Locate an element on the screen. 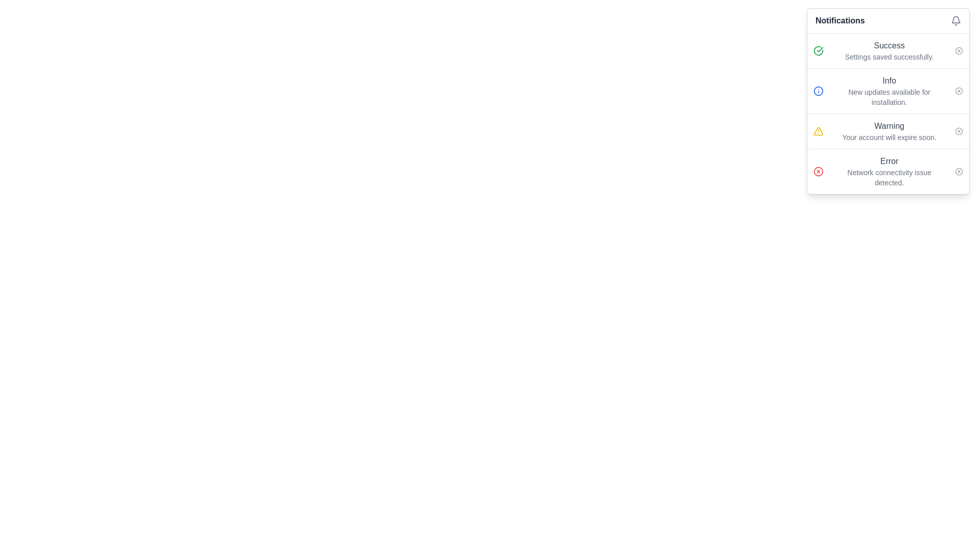 The image size is (978, 550). message displayed in the notification labeled 'Warning' which indicates that 'Your account will expire soon.' is located at coordinates (889, 131).